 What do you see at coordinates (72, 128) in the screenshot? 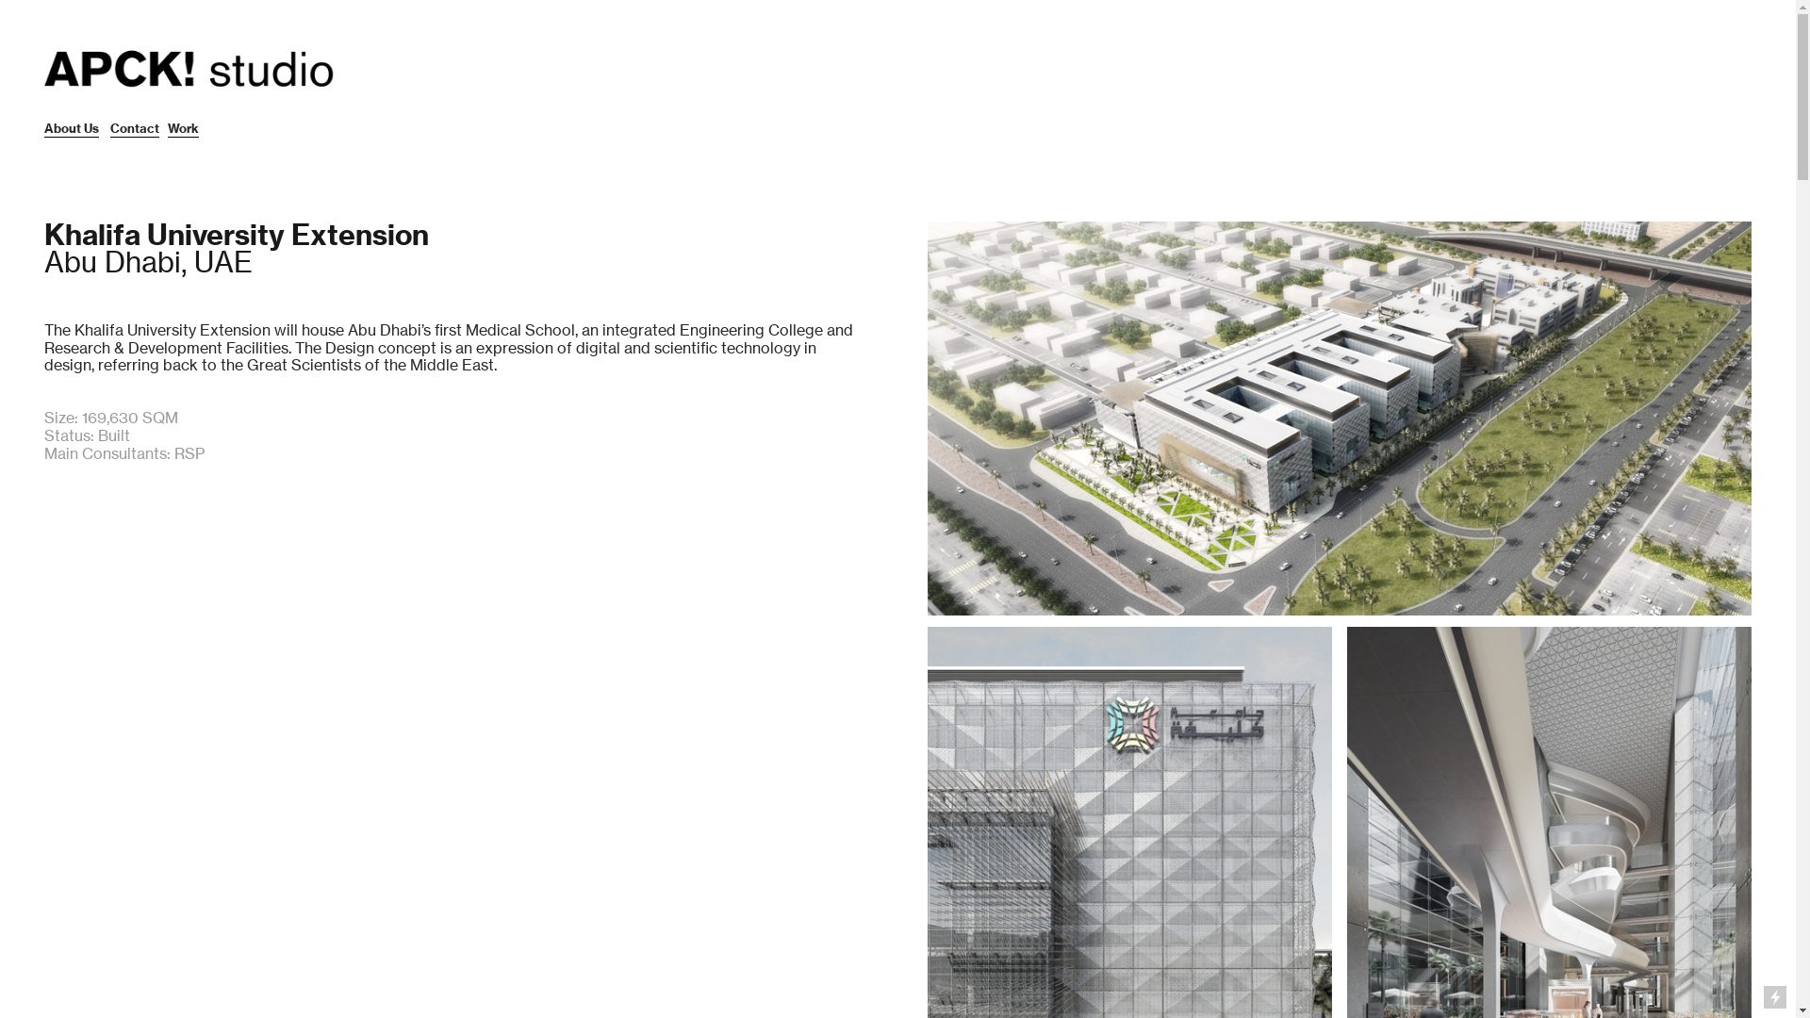
I see `'About Us'` at bounding box center [72, 128].